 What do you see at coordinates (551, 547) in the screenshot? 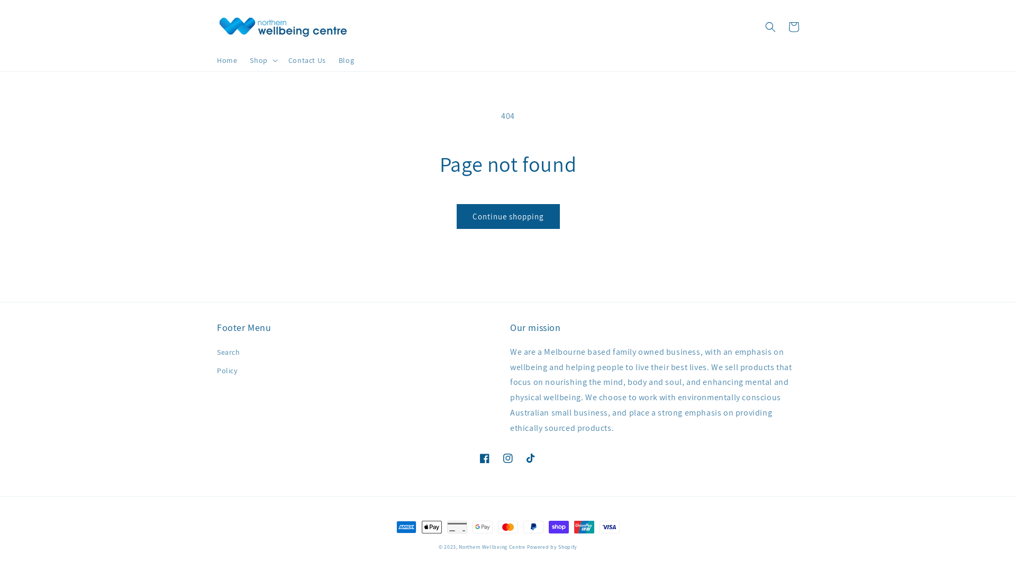
I see `'Powered by Shopify'` at bounding box center [551, 547].